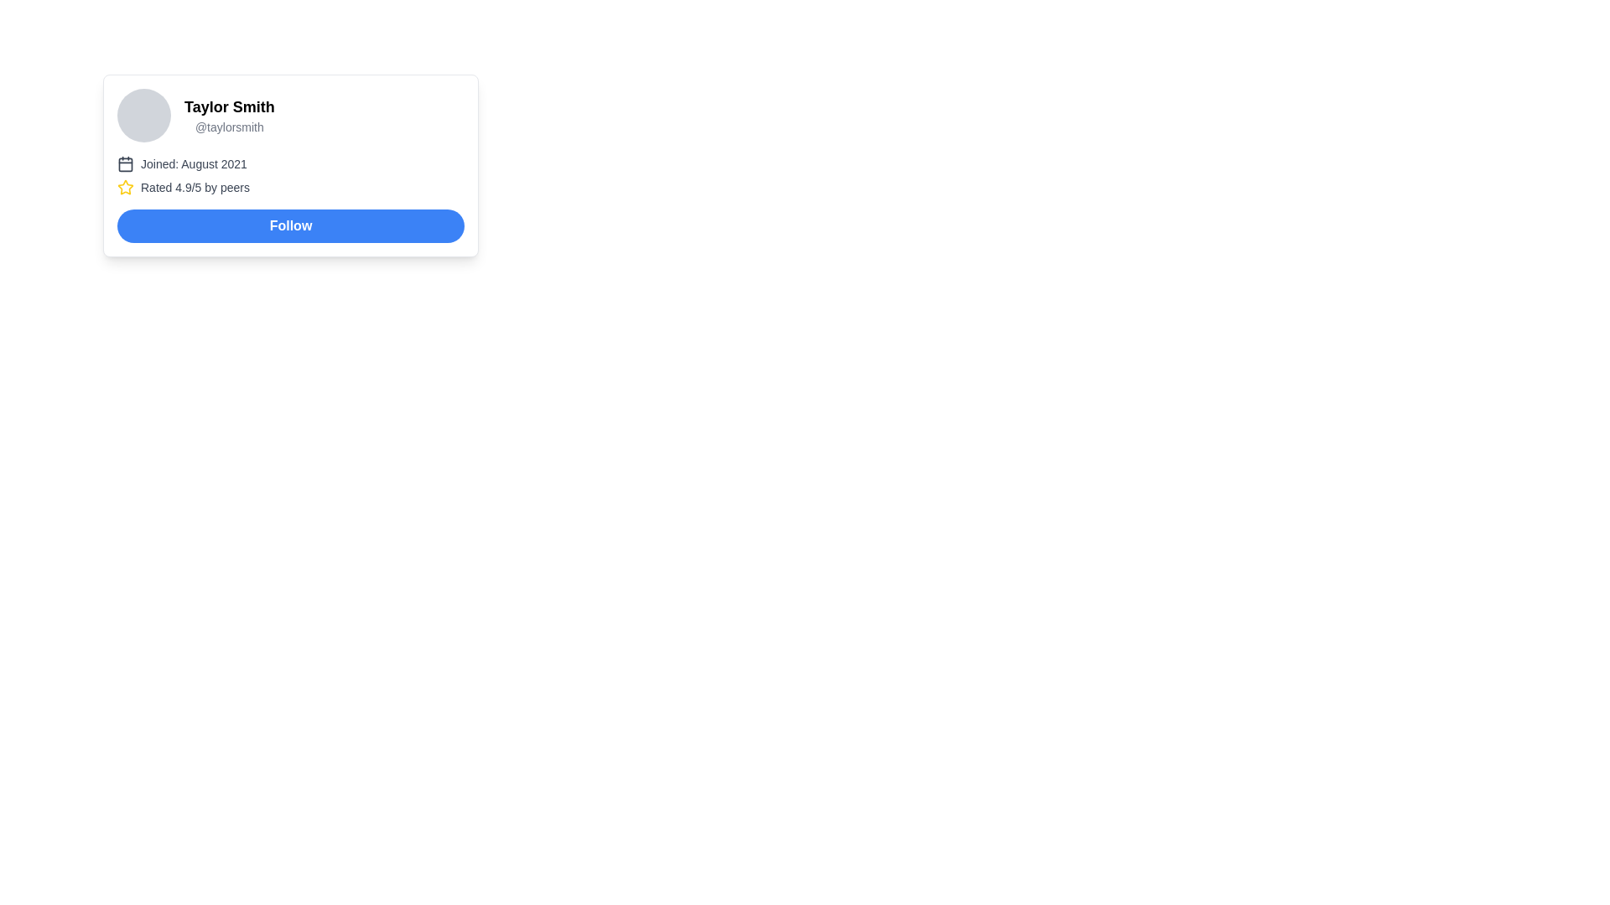  Describe the element at coordinates (194, 164) in the screenshot. I see `the text element displaying 'Joined: August 2021' located under the user's name and username within the profile card, to the right of a calendar icon` at that location.